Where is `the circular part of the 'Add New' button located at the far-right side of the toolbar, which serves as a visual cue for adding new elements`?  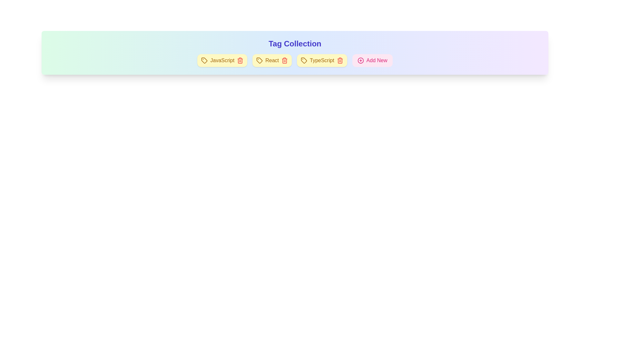 the circular part of the 'Add New' button located at the far-right side of the toolbar, which serves as a visual cue for adding new elements is located at coordinates (360, 61).